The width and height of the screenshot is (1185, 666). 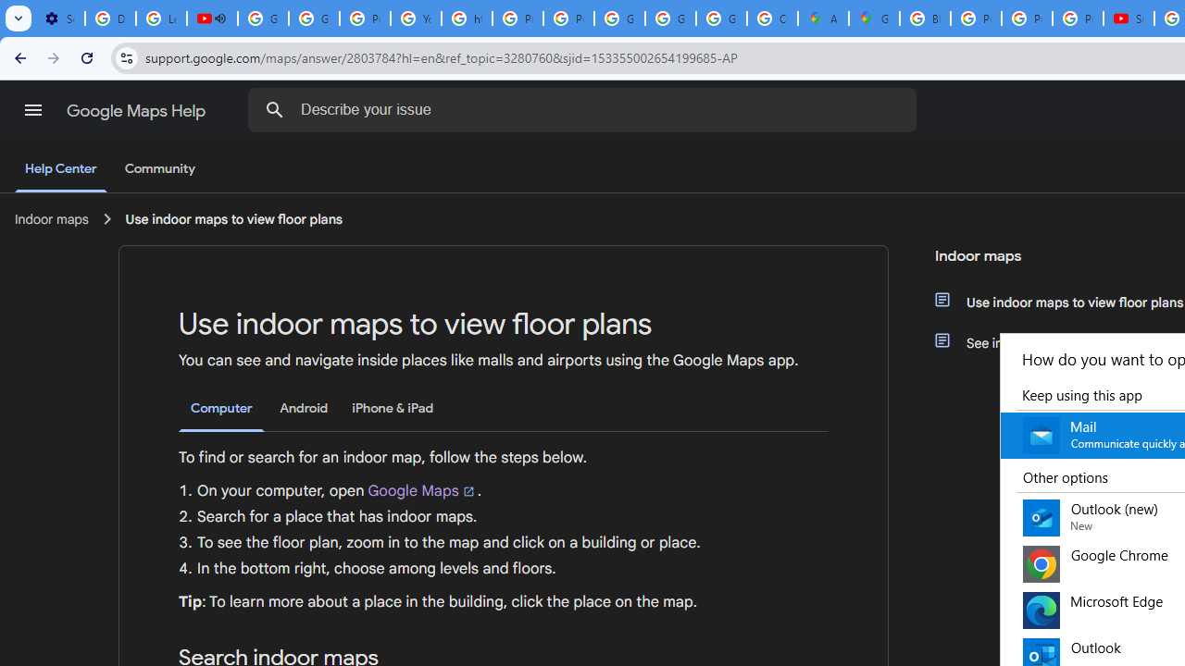 I want to click on 'Android', so click(x=304, y=407).